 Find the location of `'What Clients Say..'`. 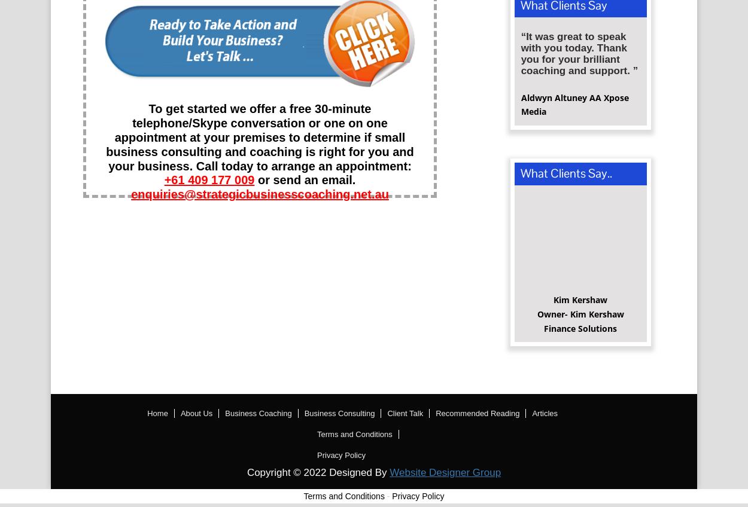

'What Clients Say..' is located at coordinates (565, 177).